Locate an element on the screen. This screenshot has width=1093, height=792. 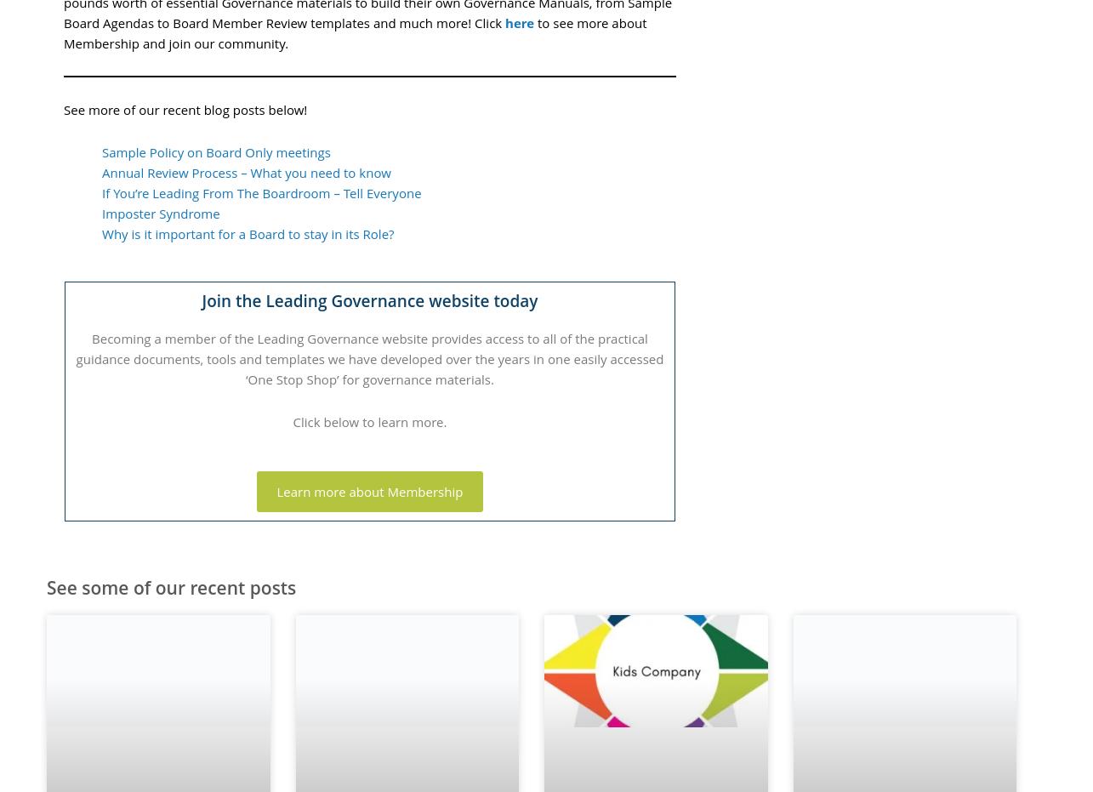
'Why is it important for a Board to stay in its Role?' is located at coordinates (102, 233).